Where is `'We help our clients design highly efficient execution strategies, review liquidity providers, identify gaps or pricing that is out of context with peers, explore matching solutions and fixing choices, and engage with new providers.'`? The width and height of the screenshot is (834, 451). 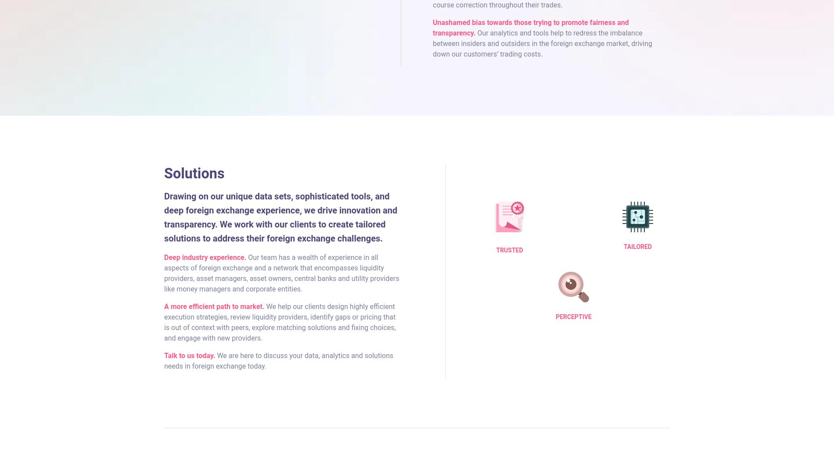 'We help our clients design highly efficient execution strategies, review liquidity providers, identify gaps or pricing that is out of context with peers, explore matching solutions and fixing choices, and engage with new providers.' is located at coordinates (280, 321).